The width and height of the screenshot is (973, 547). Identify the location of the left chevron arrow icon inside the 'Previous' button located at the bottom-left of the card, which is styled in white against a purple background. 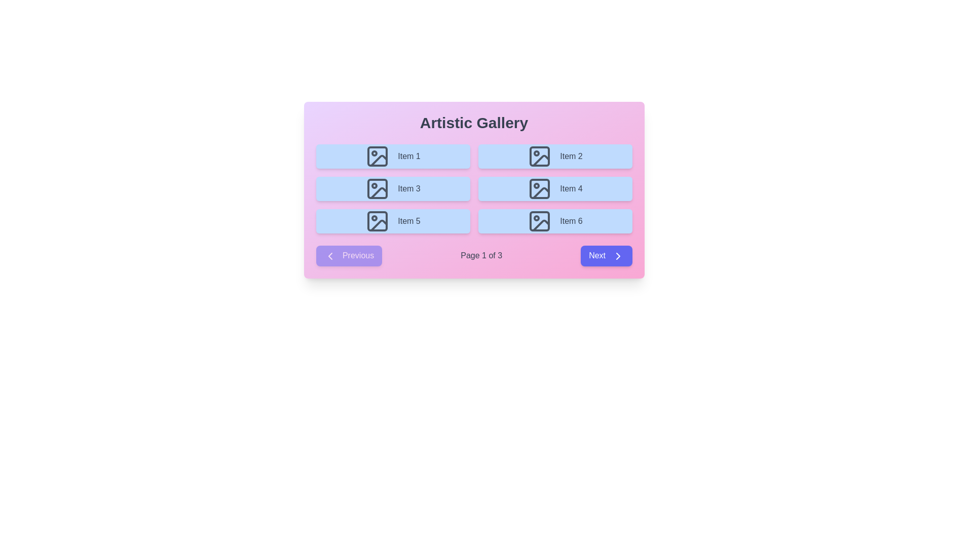
(330, 255).